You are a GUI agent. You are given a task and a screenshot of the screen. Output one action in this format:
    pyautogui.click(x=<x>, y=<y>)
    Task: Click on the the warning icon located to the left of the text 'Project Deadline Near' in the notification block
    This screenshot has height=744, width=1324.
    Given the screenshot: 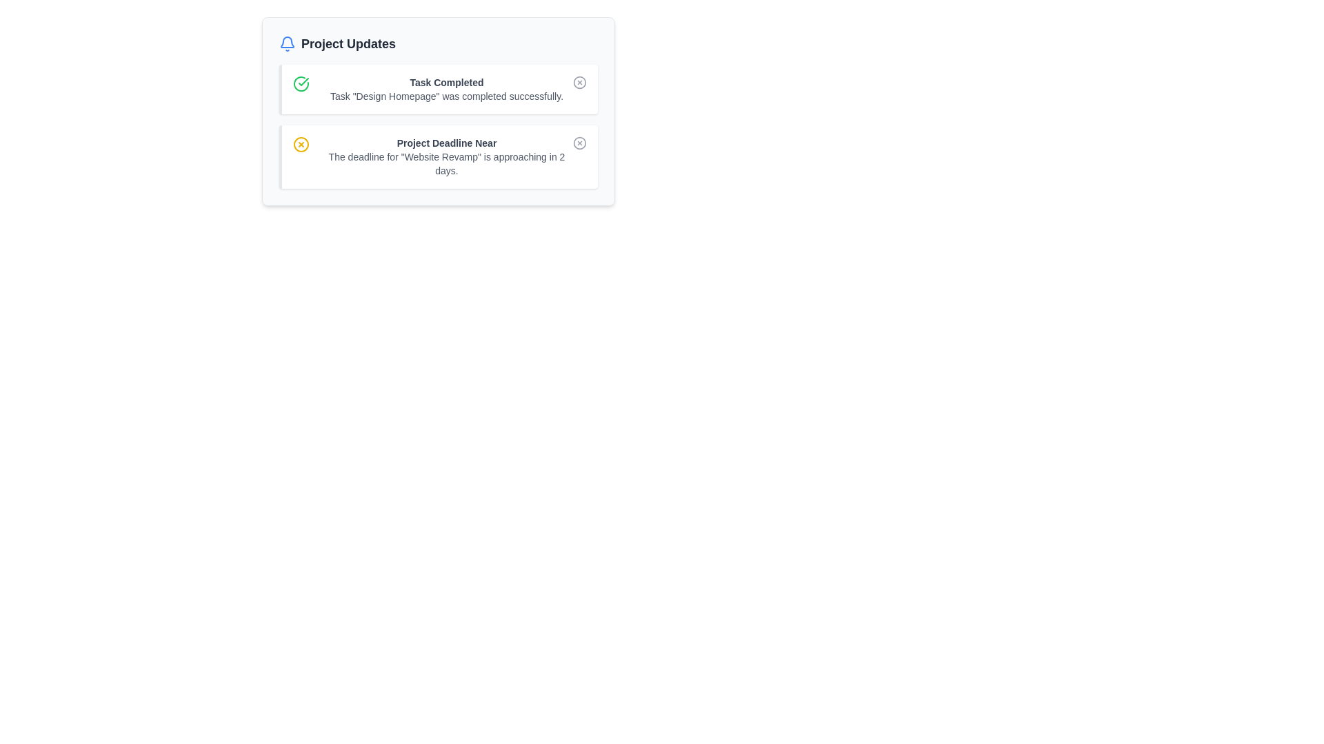 What is the action you would take?
    pyautogui.click(x=306, y=144)
    